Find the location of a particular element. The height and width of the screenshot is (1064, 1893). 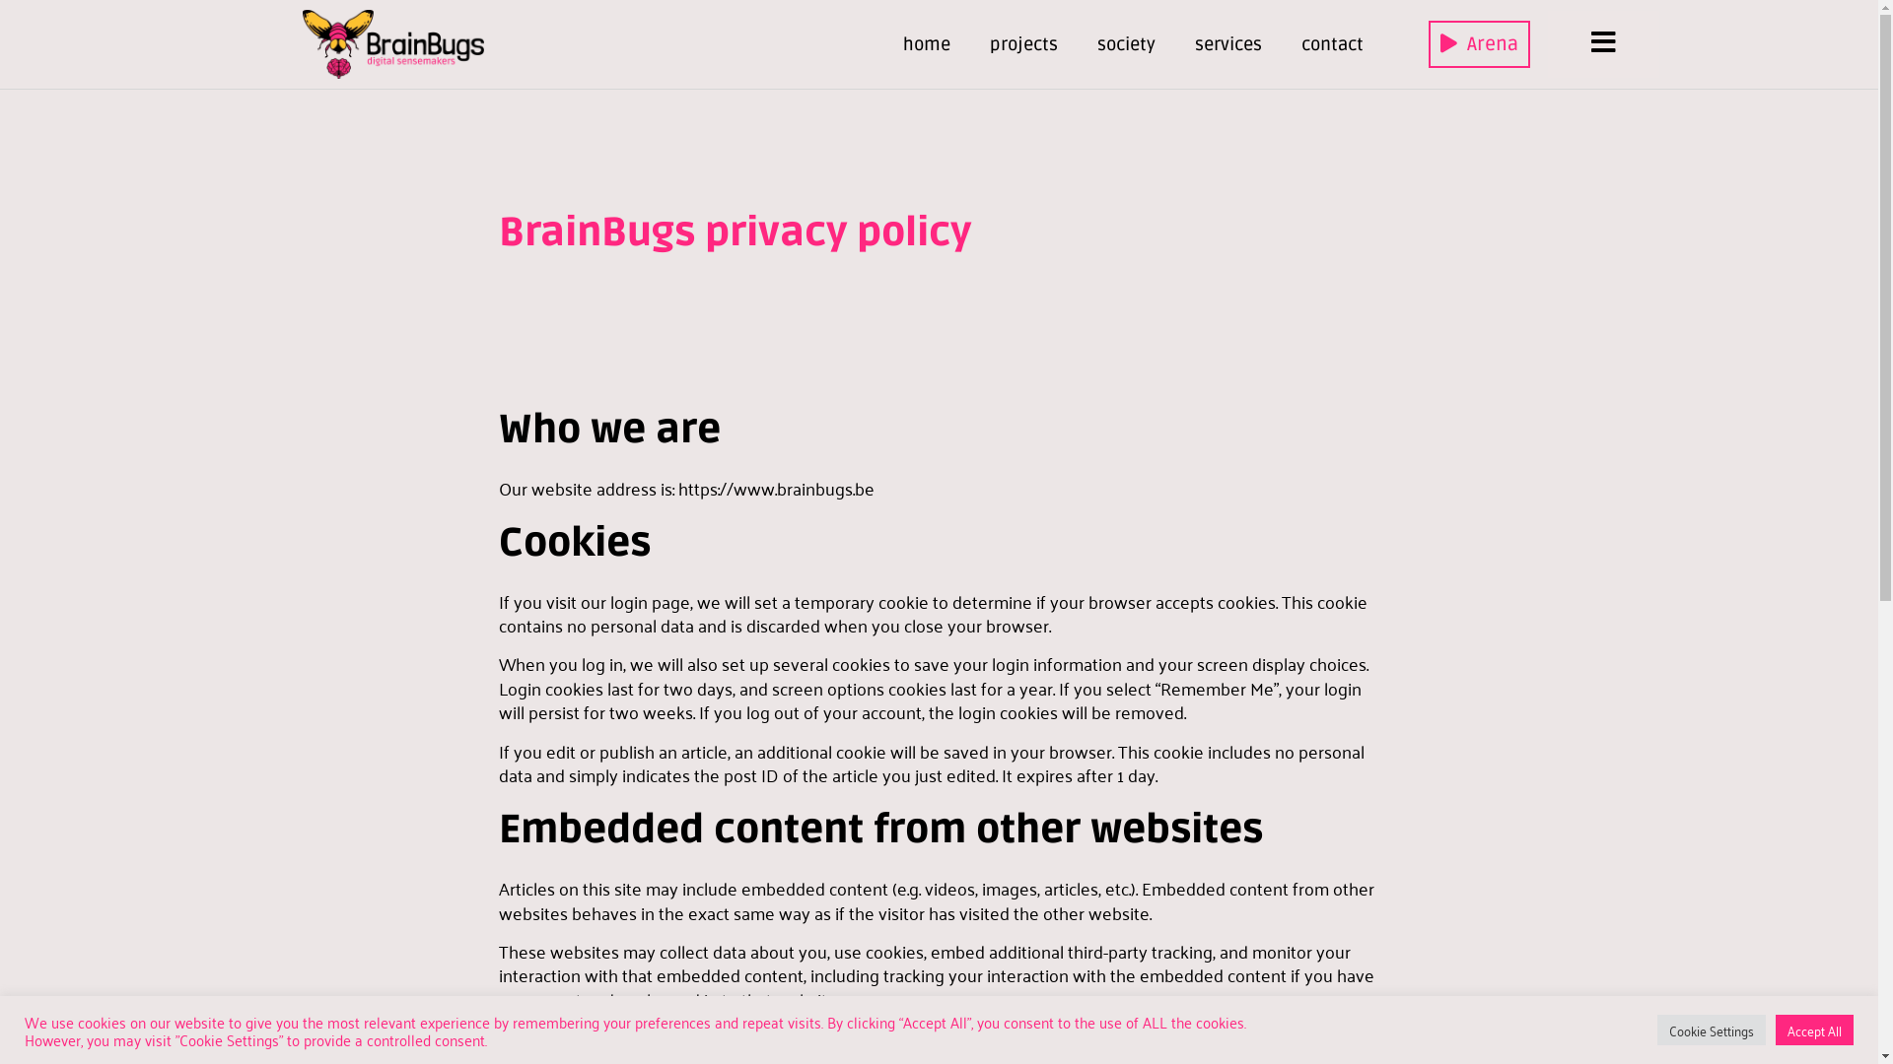

'services' is located at coordinates (1227, 44).